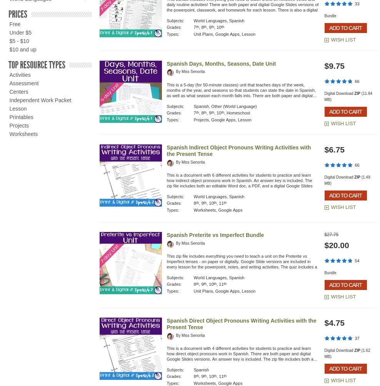 The height and width of the screenshot is (386, 380). What do you see at coordinates (14, 24) in the screenshot?
I see `'Free'` at bounding box center [14, 24].